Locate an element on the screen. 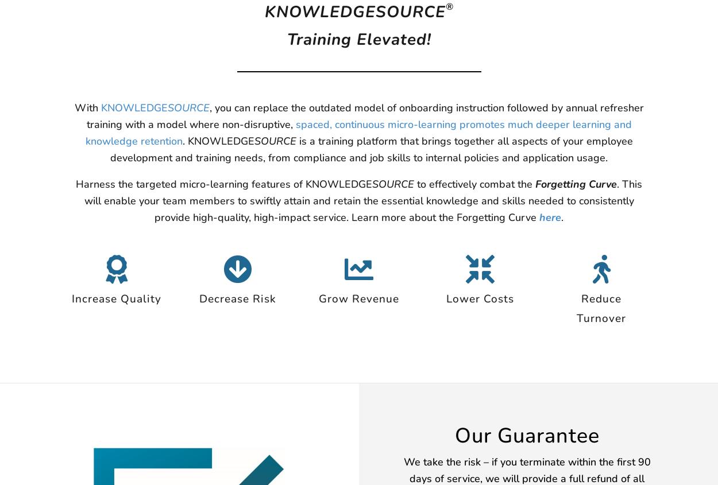  'is a training platform that brings together all aspects of your employee development and training needs, from compliance and job skills to internal policies and application usage.' is located at coordinates (371, 149).